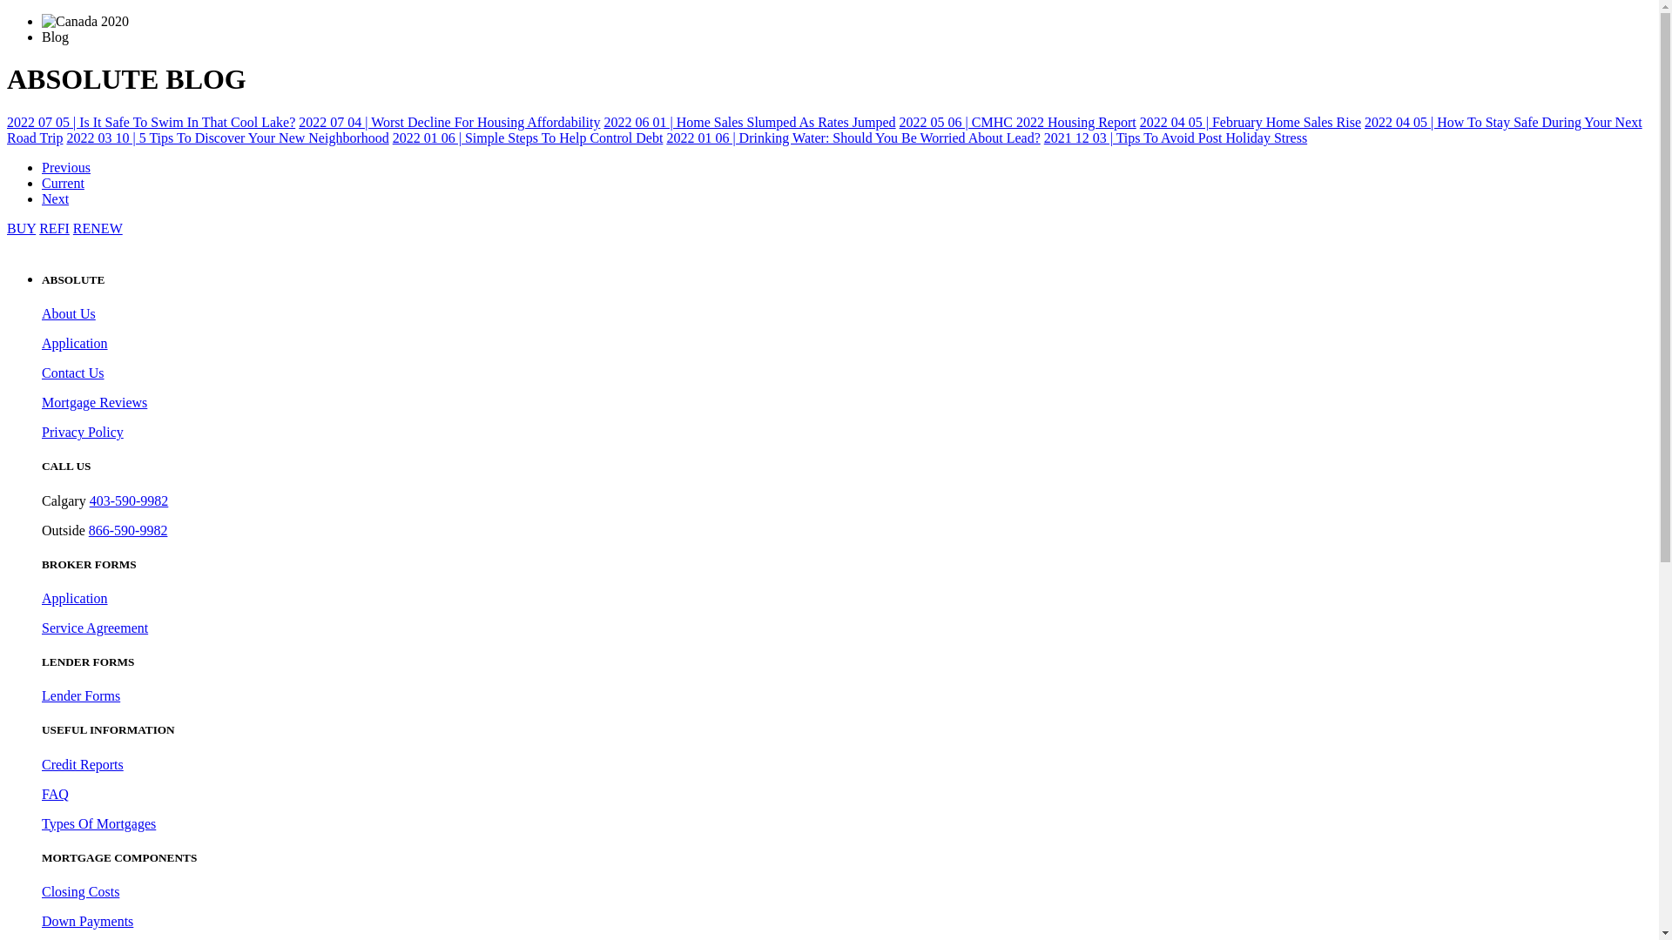 Image resolution: width=1672 pixels, height=940 pixels. What do you see at coordinates (66, 167) in the screenshot?
I see `'Previous'` at bounding box center [66, 167].